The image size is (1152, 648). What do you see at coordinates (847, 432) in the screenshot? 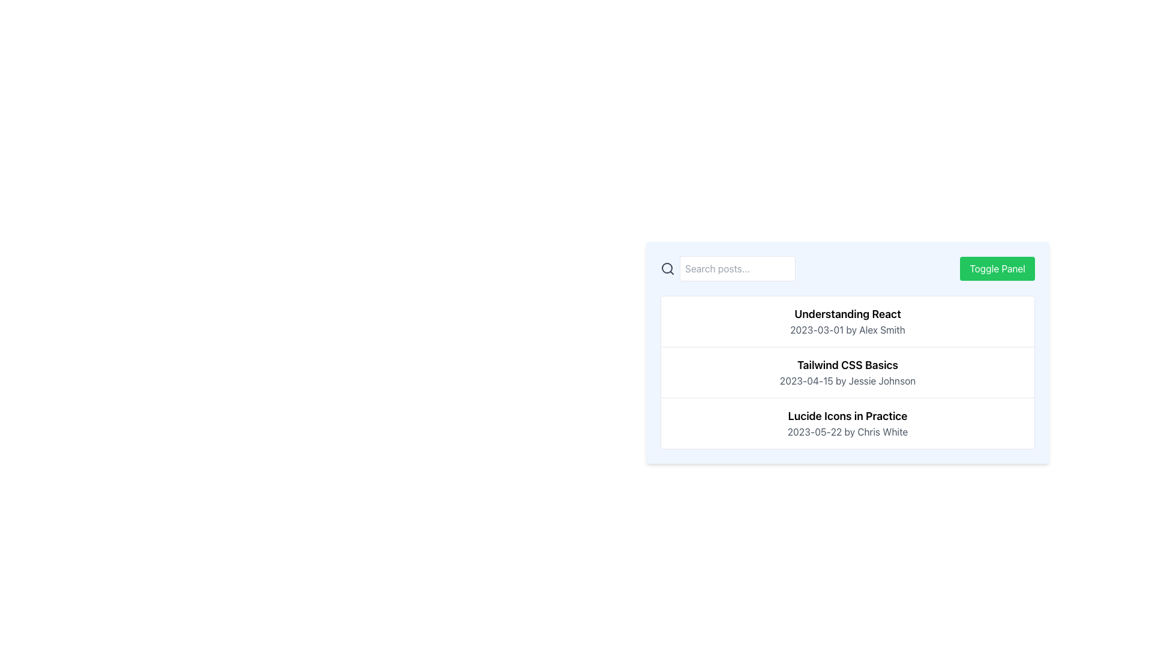
I see `text label displaying the date and author information formatted as '2023-05-22 by Chris White', which is styled in gray and positioned below the title 'Lucide Icons in Practice'` at bounding box center [847, 432].